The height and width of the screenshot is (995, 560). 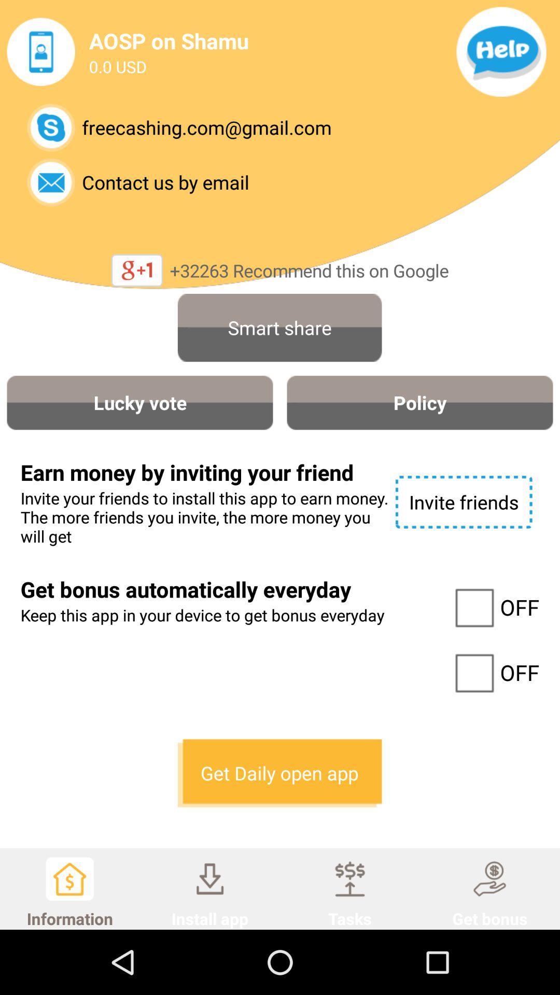 I want to click on skype, so click(x=51, y=127).